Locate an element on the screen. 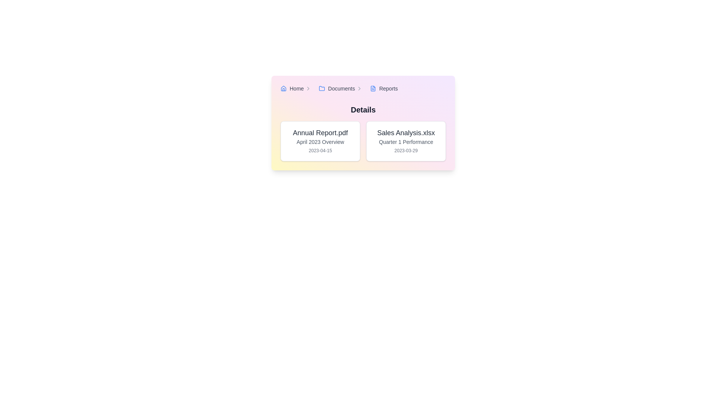  the static text label displaying 'Details', which is centrally aligned and bold, located at the top of the section containing the cards 'Annual Report.pdf' and 'Sales Analysis.xlsx' is located at coordinates (363, 109).